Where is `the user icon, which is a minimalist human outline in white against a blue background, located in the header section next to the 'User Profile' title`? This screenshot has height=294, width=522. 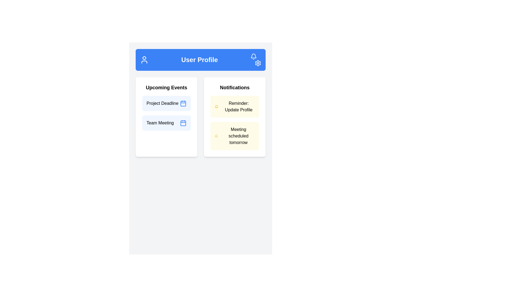 the user icon, which is a minimalist human outline in white against a blue background, located in the header section next to the 'User Profile' title is located at coordinates (144, 60).